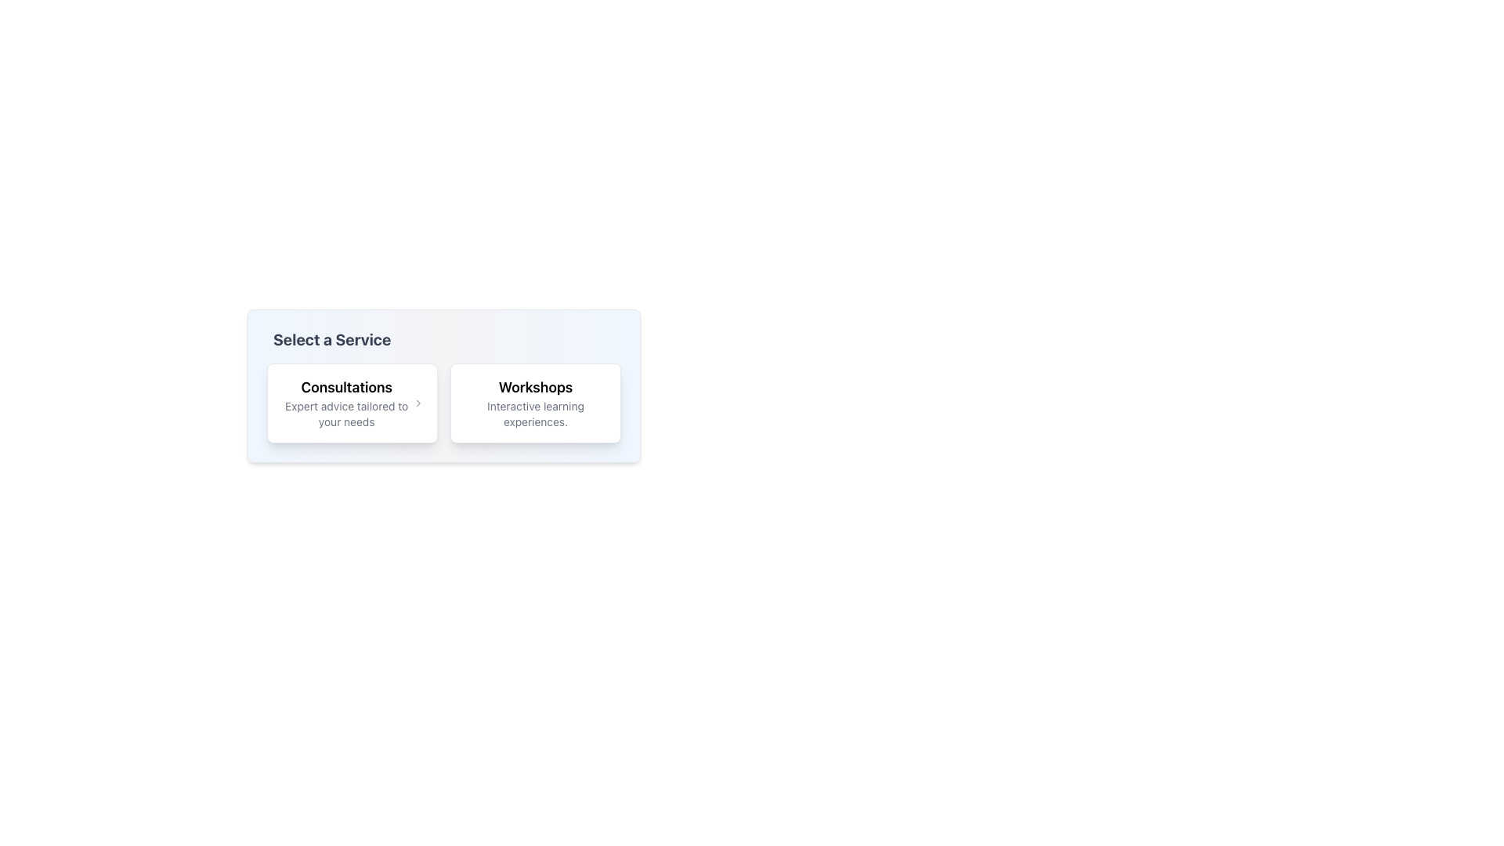 The image size is (1504, 846). Describe the element at coordinates (536, 403) in the screenshot. I see `the selectable option labeled 'Workshops' which provides a brief description for user navigation` at that location.